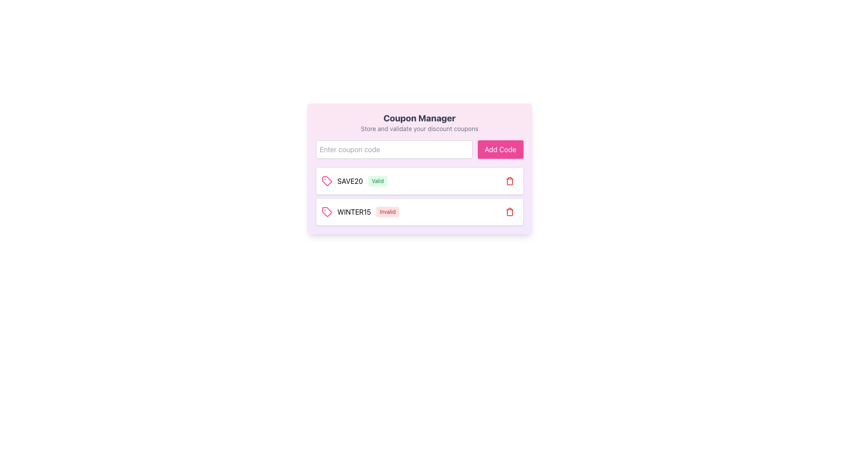 Image resolution: width=844 pixels, height=475 pixels. Describe the element at coordinates (378, 181) in the screenshot. I see `the Status Badge, which is a rectangular badge with rounded corners containing the word 'Valid' in green text, located to the right of 'SAVE20' in the first row of the coupon list` at that location.